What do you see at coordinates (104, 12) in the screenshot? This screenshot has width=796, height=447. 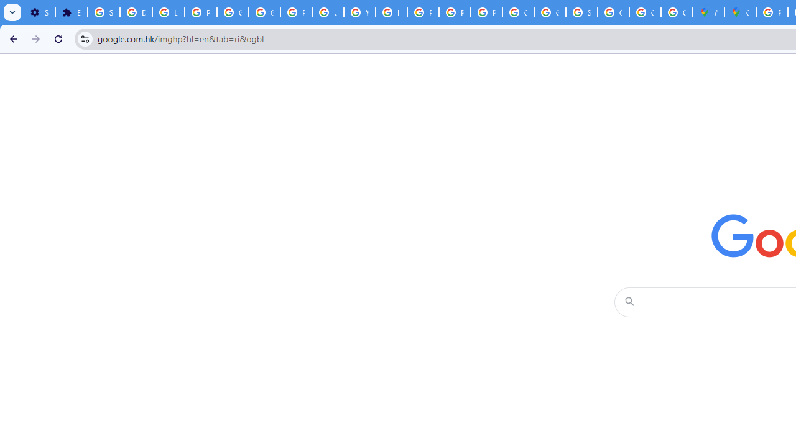 I see `'Sign in - Google Accounts'` at bounding box center [104, 12].